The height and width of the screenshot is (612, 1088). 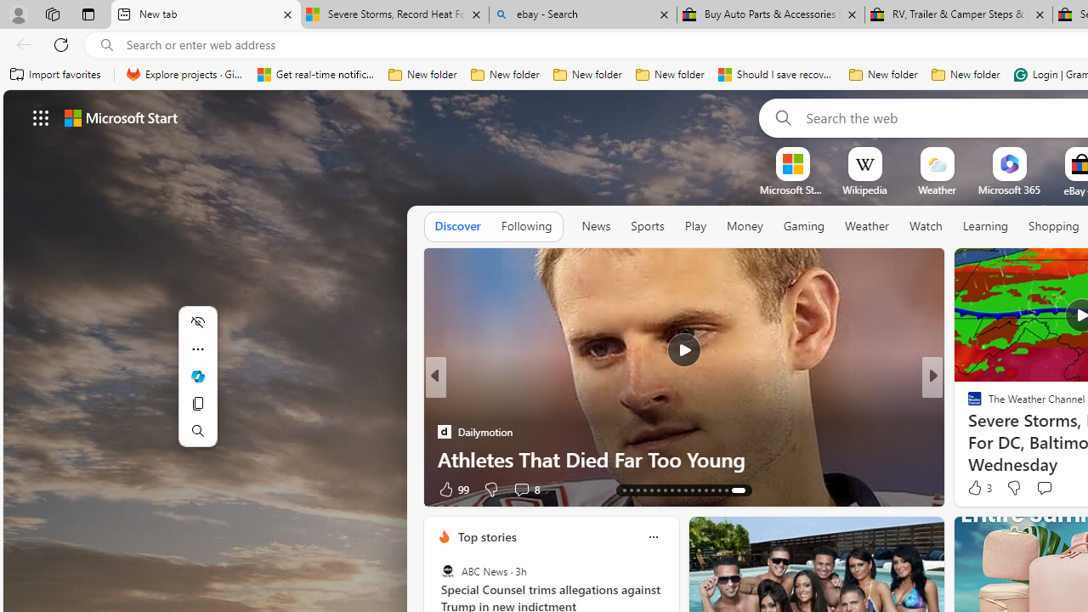 What do you see at coordinates (41, 116) in the screenshot?
I see `'App launcher'` at bounding box center [41, 116].